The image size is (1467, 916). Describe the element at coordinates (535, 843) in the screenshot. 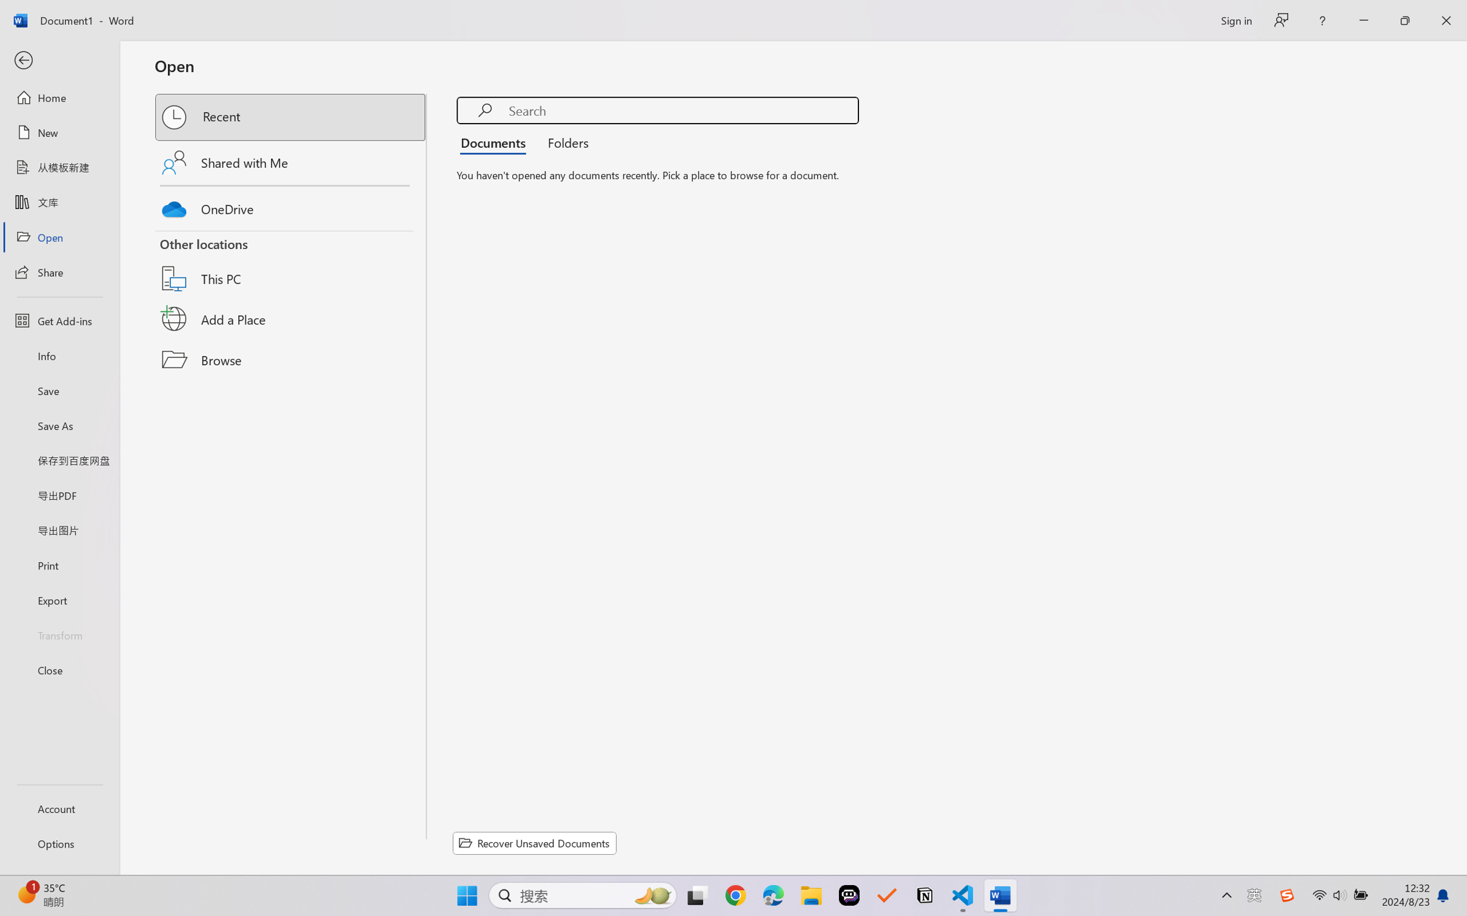

I see `'Recover Unsaved Documents'` at that location.